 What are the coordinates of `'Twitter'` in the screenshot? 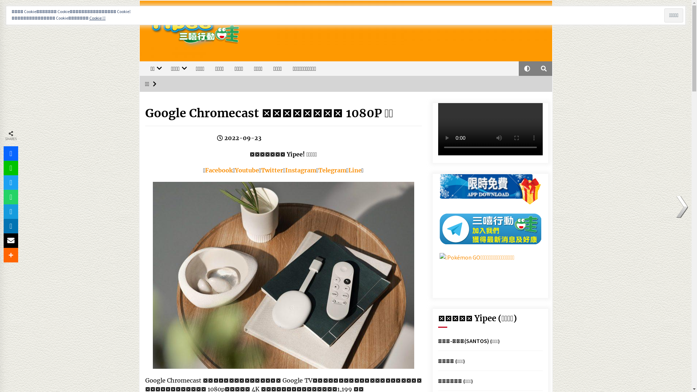 It's located at (272, 170).